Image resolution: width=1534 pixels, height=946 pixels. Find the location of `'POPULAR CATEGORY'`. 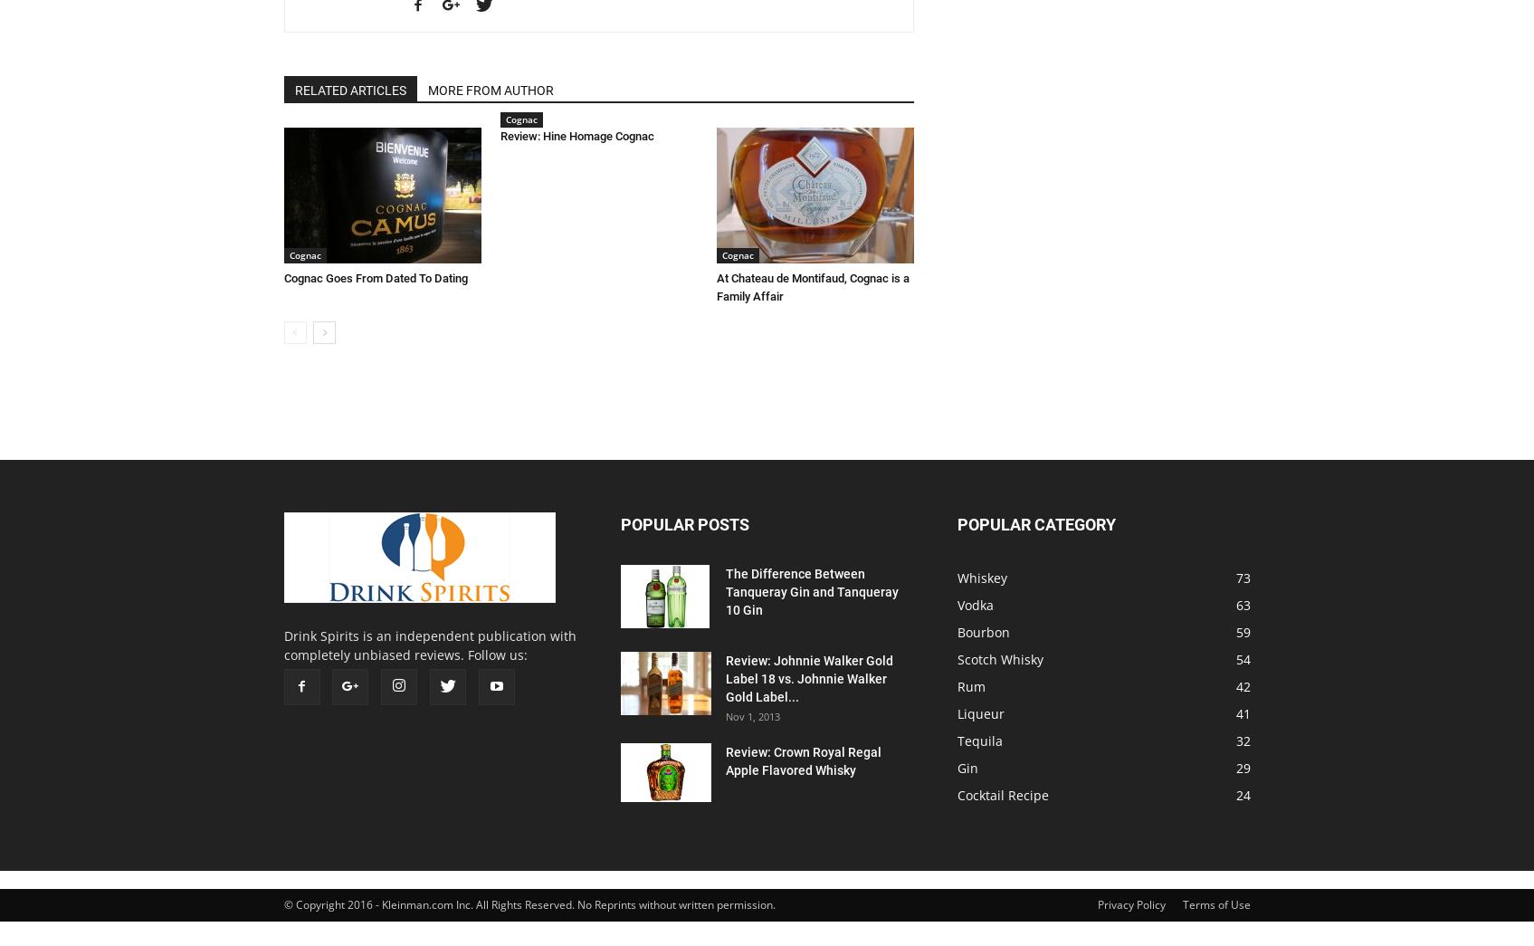

'POPULAR CATEGORY' is located at coordinates (1034, 524).